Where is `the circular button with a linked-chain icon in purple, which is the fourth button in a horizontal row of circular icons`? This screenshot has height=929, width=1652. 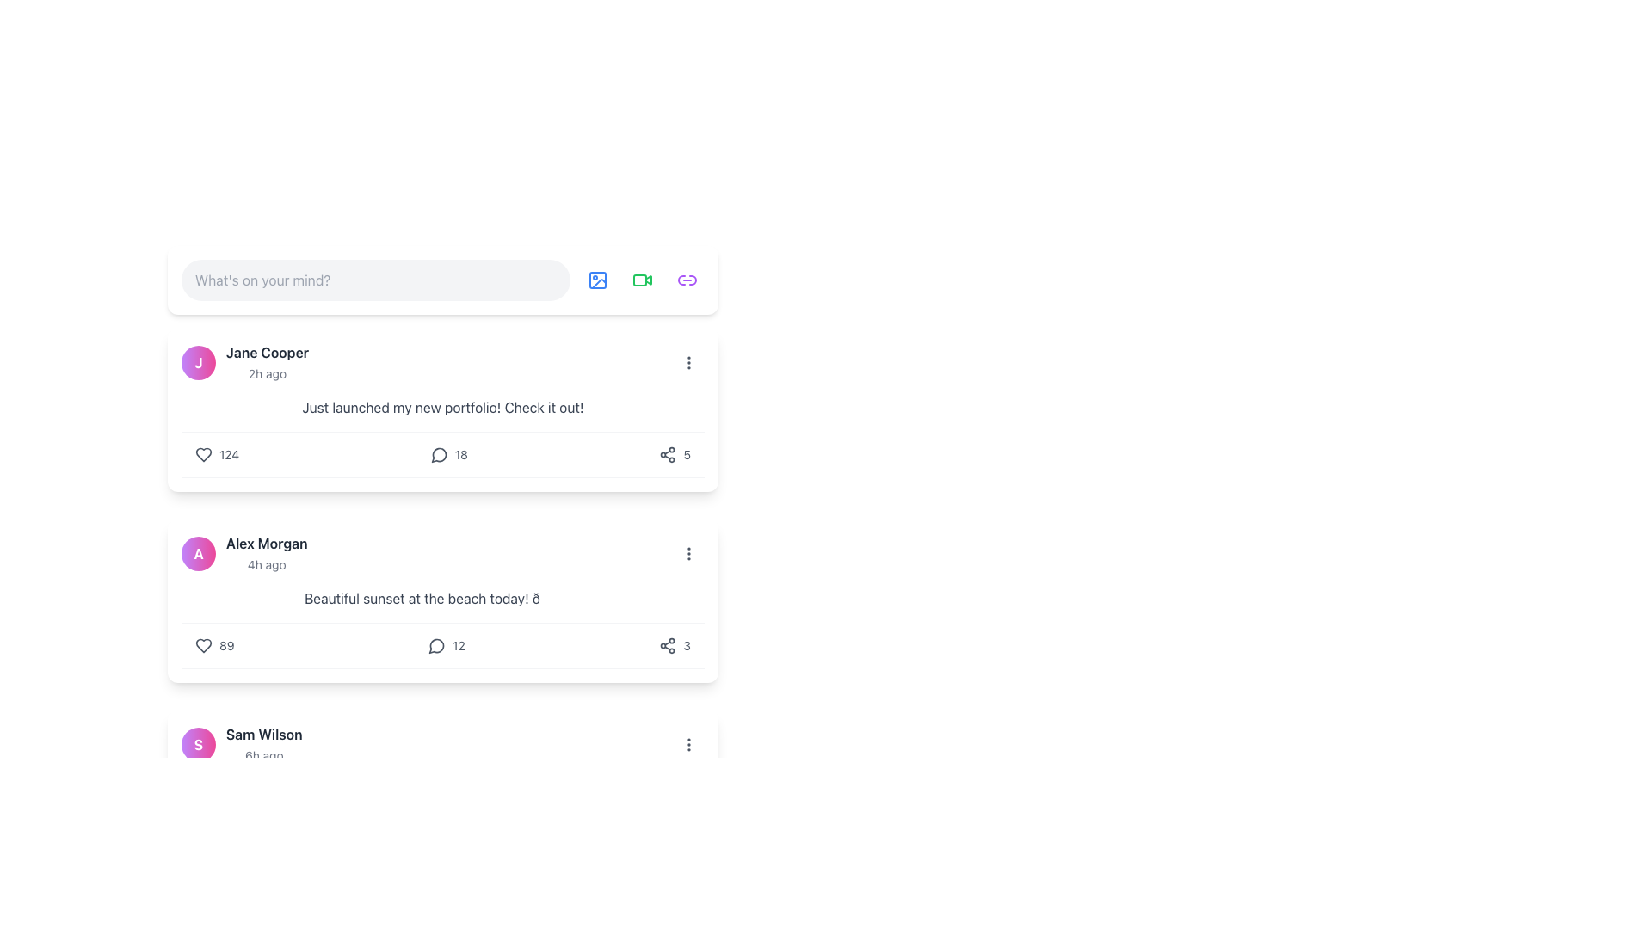 the circular button with a linked-chain icon in purple, which is the fourth button in a horizontal row of circular icons is located at coordinates (686, 280).